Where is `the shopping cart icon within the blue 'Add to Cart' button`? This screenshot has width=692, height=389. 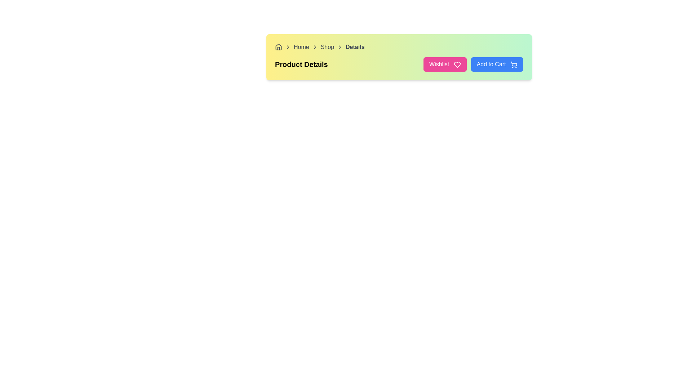
the shopping cart icon within the blue 'Add to Cart' button is located at coordinates (513, 63).